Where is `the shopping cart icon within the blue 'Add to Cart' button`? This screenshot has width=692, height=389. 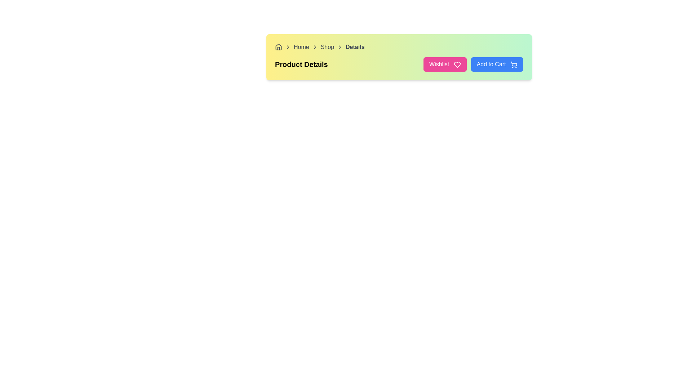
the shopping cart icon within the blue 'Add to Cart' button is located at coordinates (513, 63).